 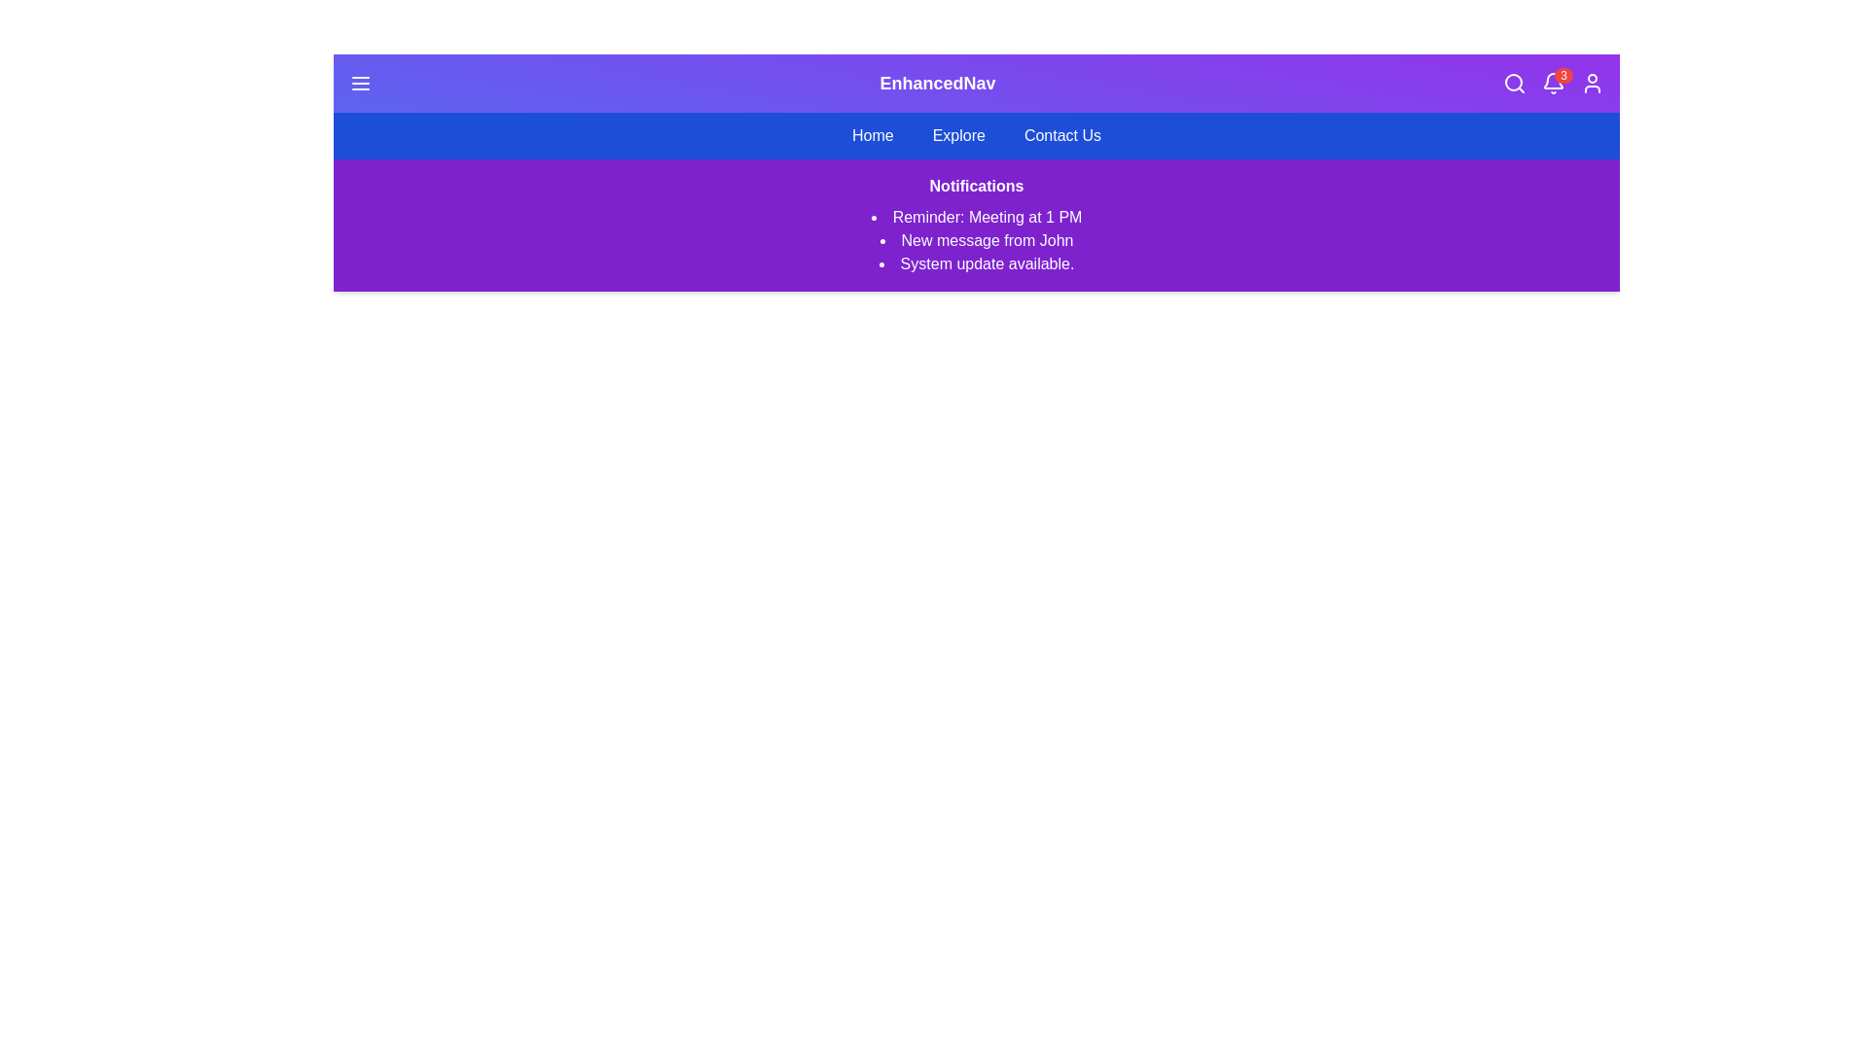 What do you see at coordinates (1513, 82) in the screenshot?
I see `the magnifying glass icon in the top-right corner of the navigation bar` at bounding box center [1513, 82].